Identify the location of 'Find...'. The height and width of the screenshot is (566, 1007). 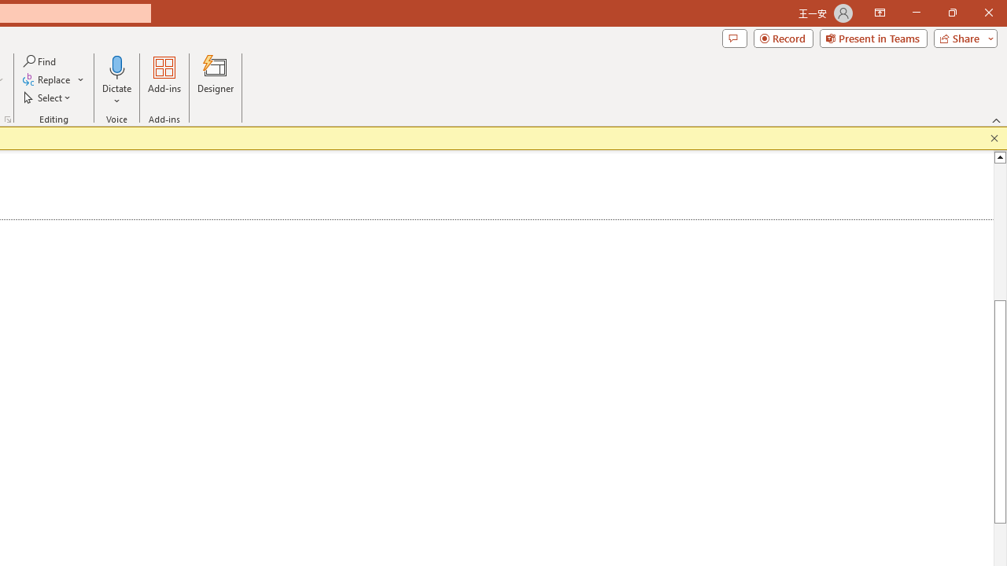
(40, 61).